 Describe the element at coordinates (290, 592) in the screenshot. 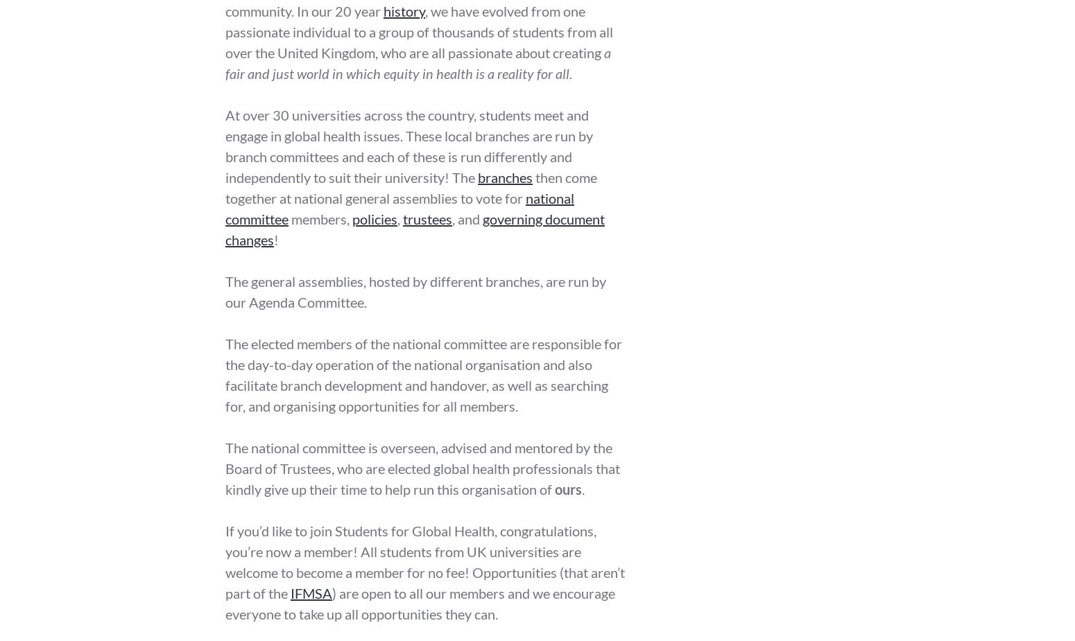

I see `'IFMSA'` at that location.